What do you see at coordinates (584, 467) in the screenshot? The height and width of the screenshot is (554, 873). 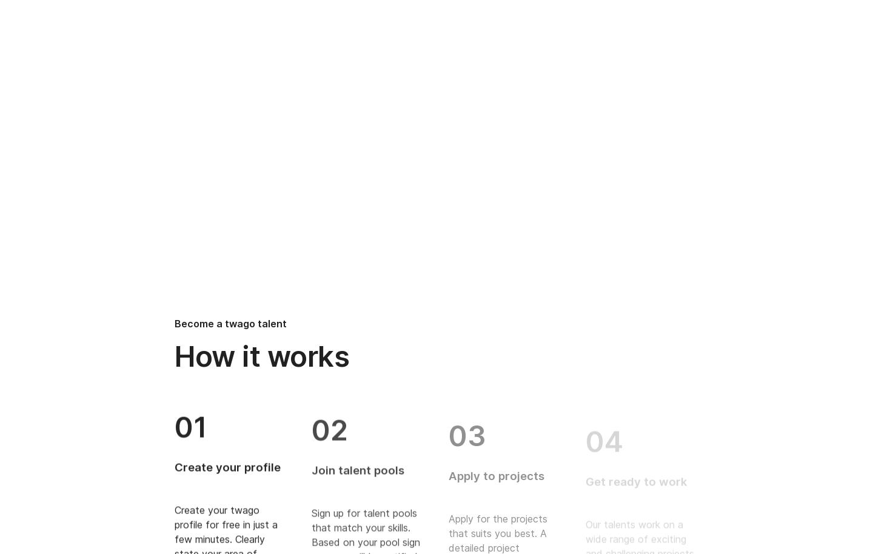 I see `'Get ready to work'` at bounding box center [584, 467].